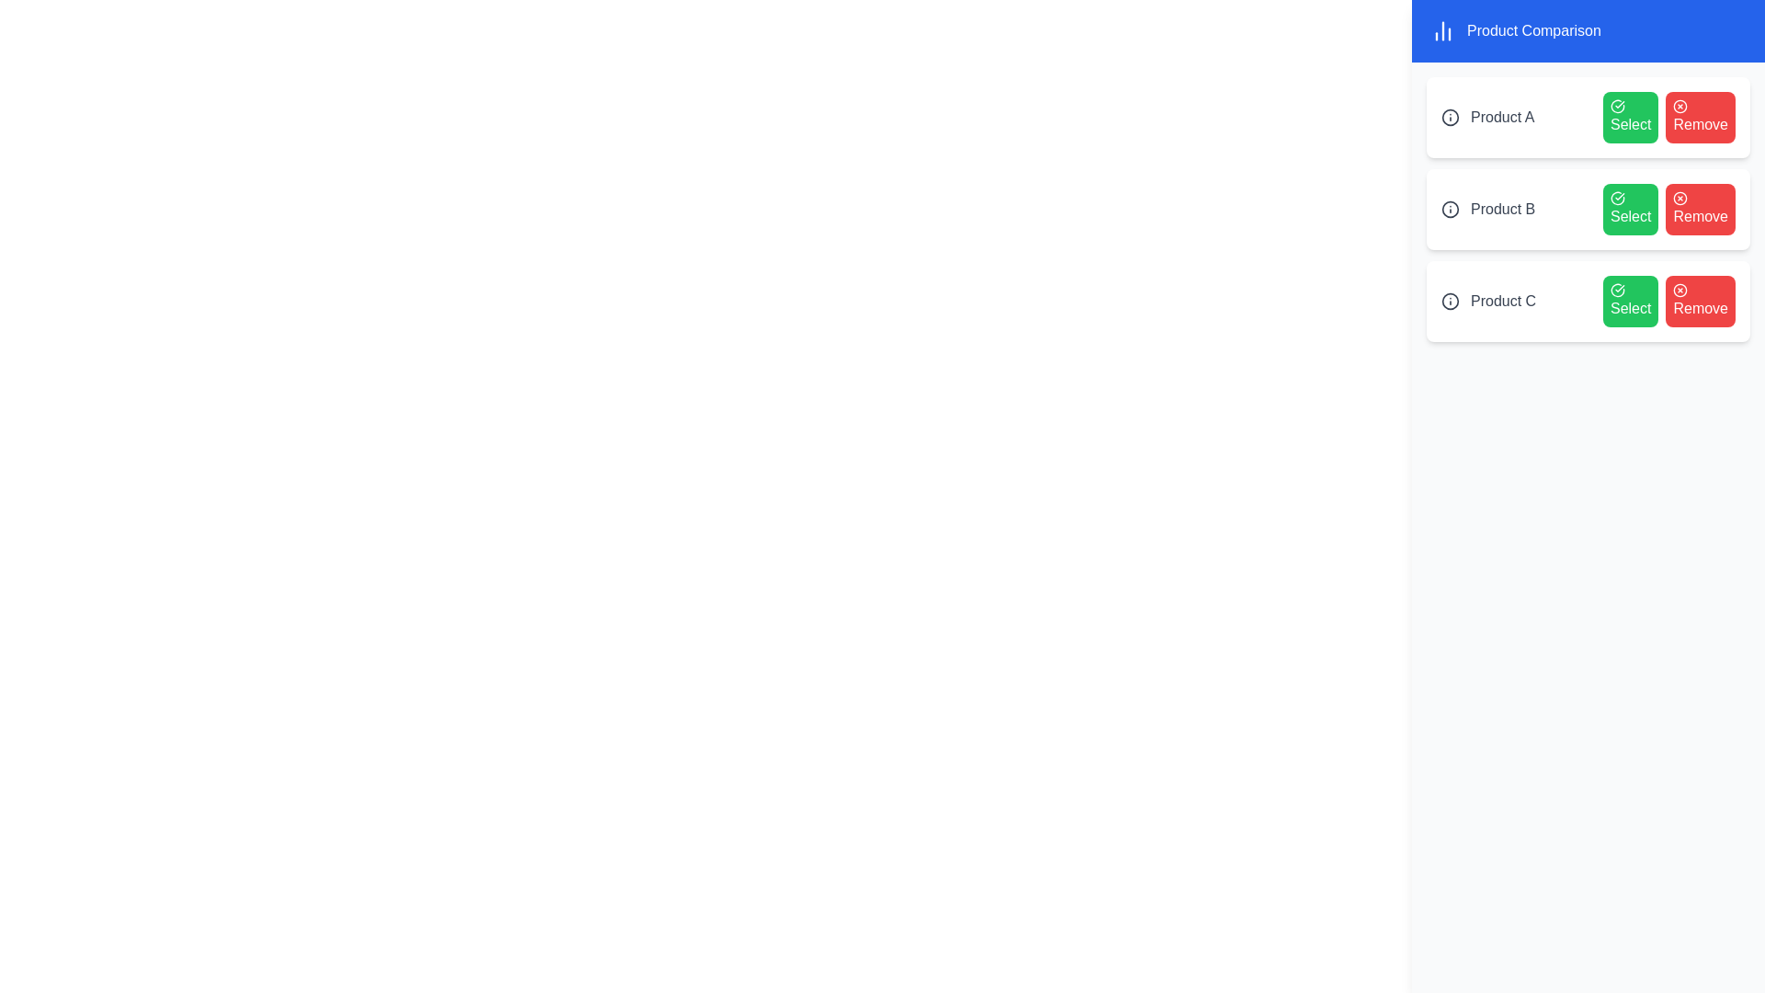 The width and height of the screenshot is (1765, 993). What do you see at coordinates (1631, 117) in the screenshot?
I see `the 'Select' button for Product A` at bounding box center [1631, 117].